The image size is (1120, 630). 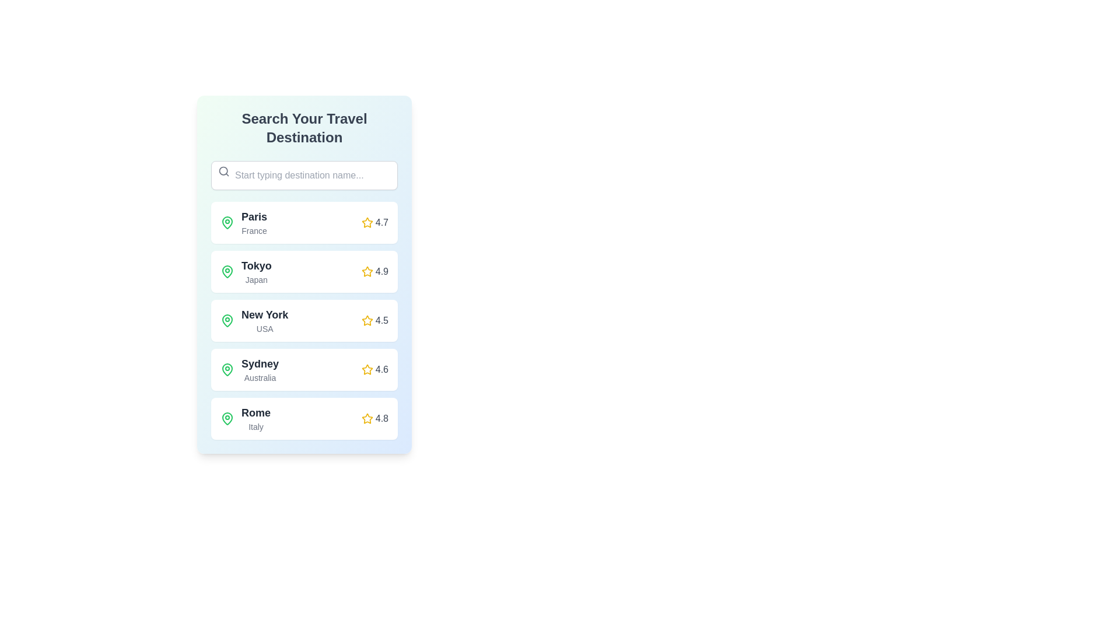 What do you see at coordinates (381, 418) in the screenshot?
I see `textual label displaying '4.8' located in the rating section of the 'Rome' card, next to the yellow star icon` at bounding box center [381, 418].